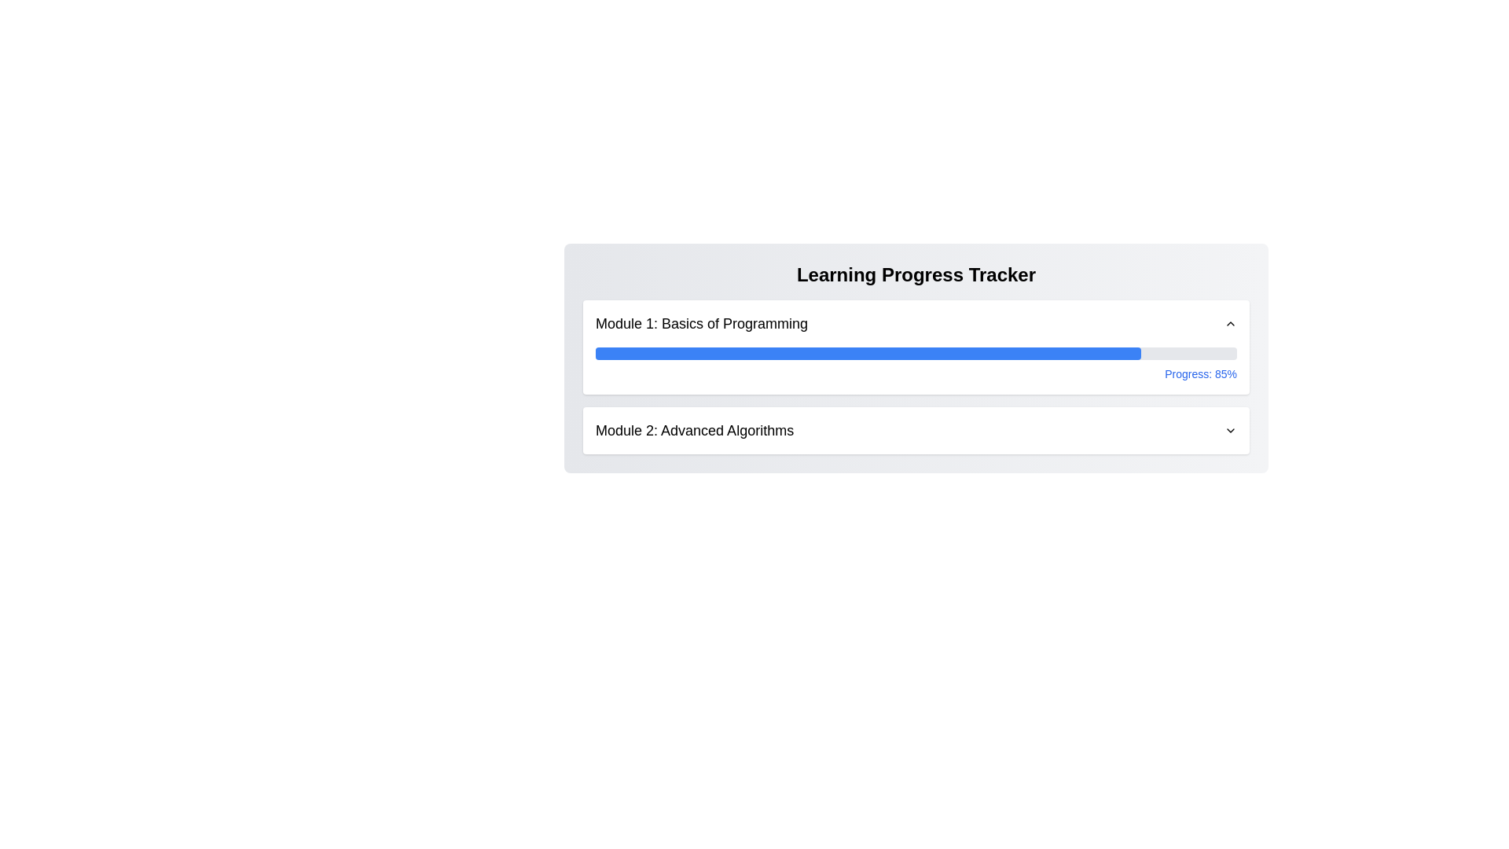 This screenshot has width=1509, height=849. Describe the element at coordinates (916, 358) in the screenshot. I see `the Progress Tracker Section, which displays the progress of various learning modules with percentage completion, located centrally beneath a title section` at that location.